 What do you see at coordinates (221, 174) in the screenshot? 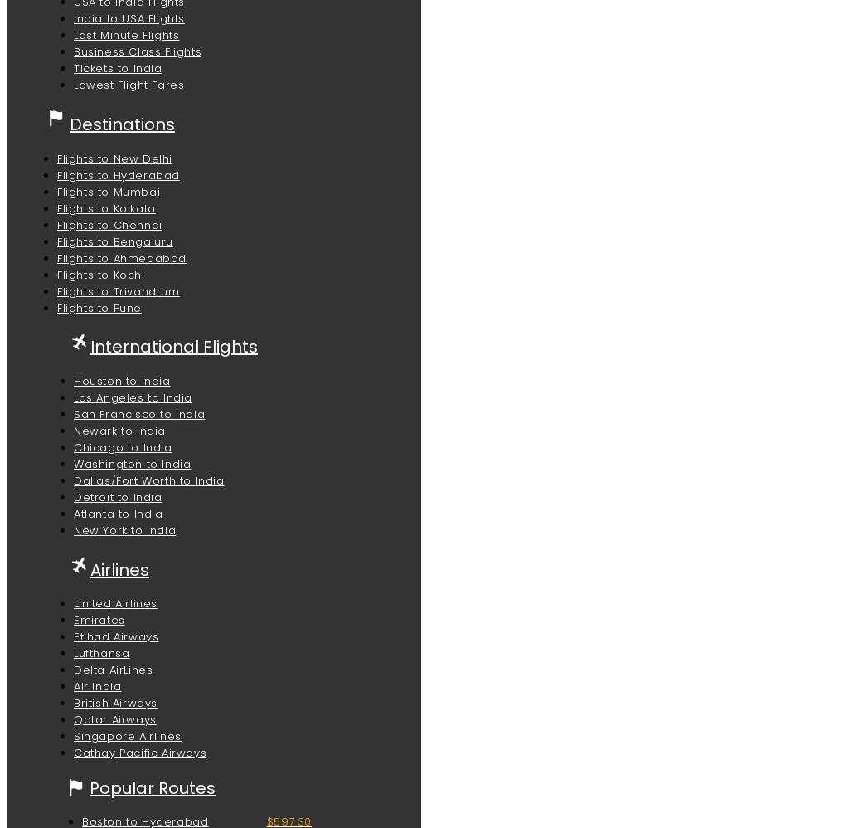
I see `'Travel to Srinagar before the beginning or the end of major festivals and peak tourist seasons'` at bounding box center [221, 174].